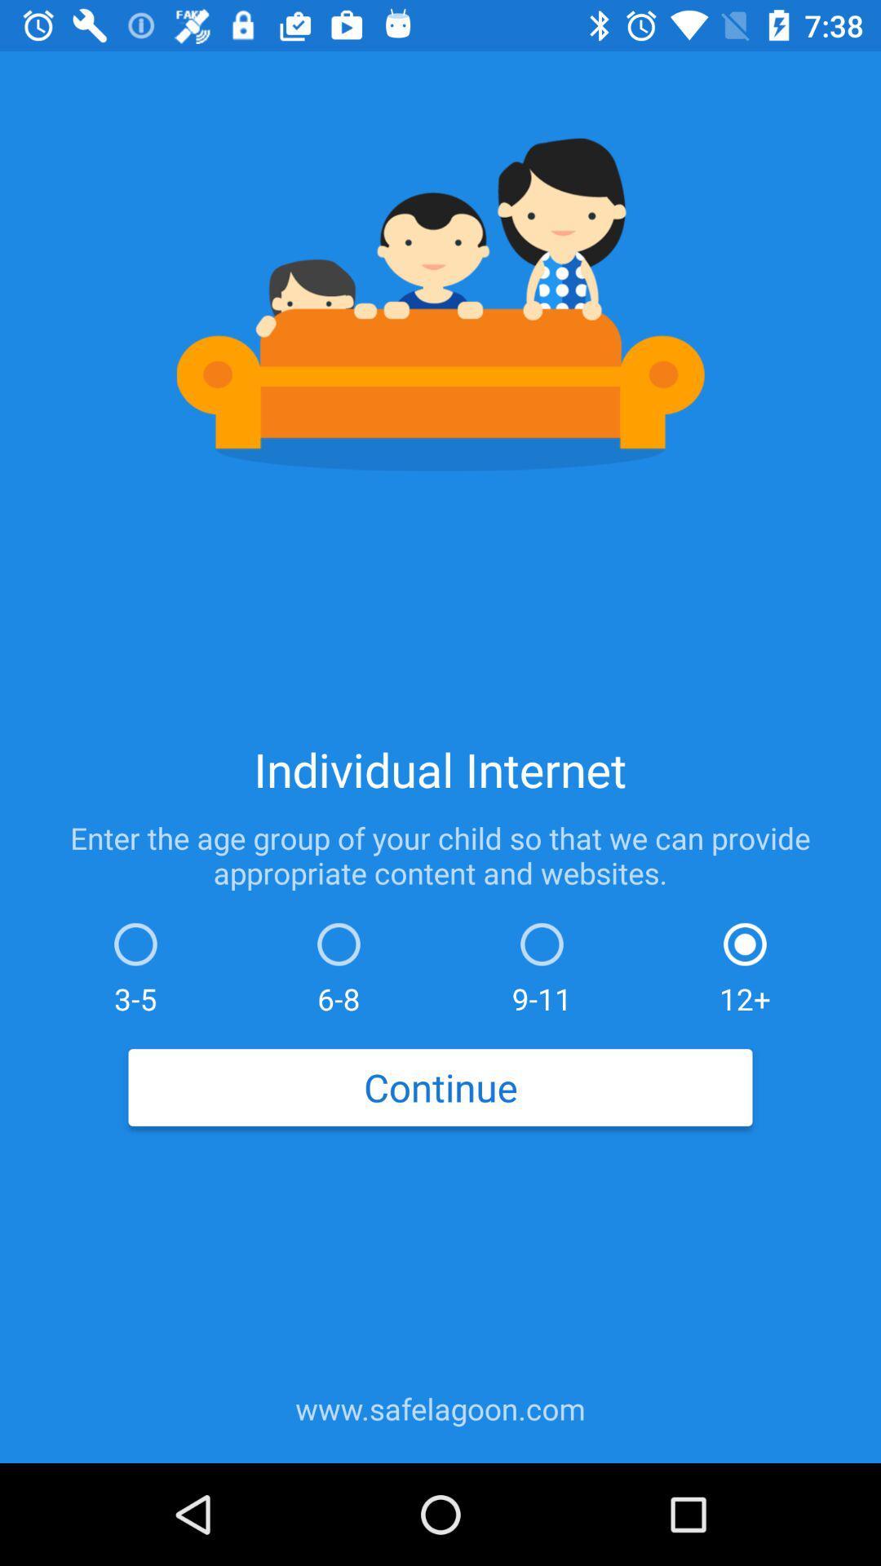 This screenshot has width=881, height=1566. I want to click on the icon next to 9-11, so click(745, 964).